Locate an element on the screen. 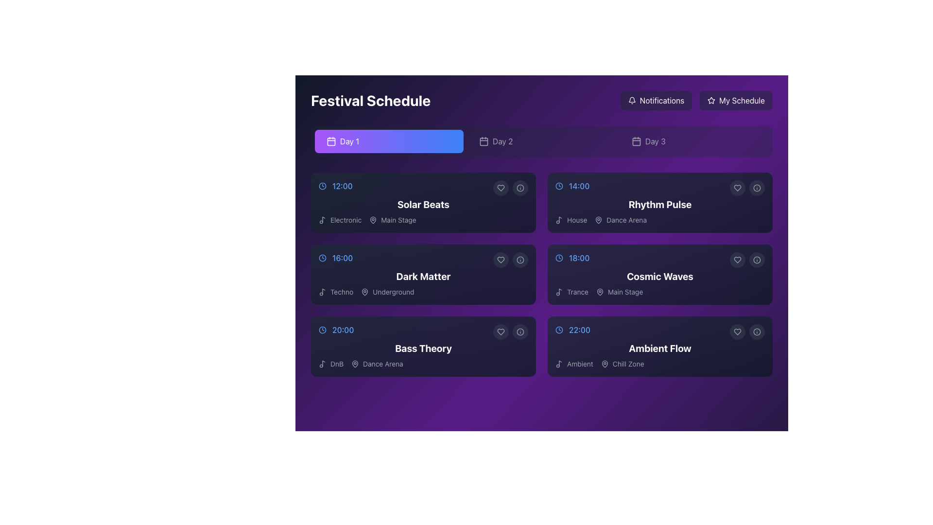 This screenshot has height=525, width=933. the calendar icon located to the left of the 'Day 2' text in the schedule selection button is located at coordinates (484, 141).